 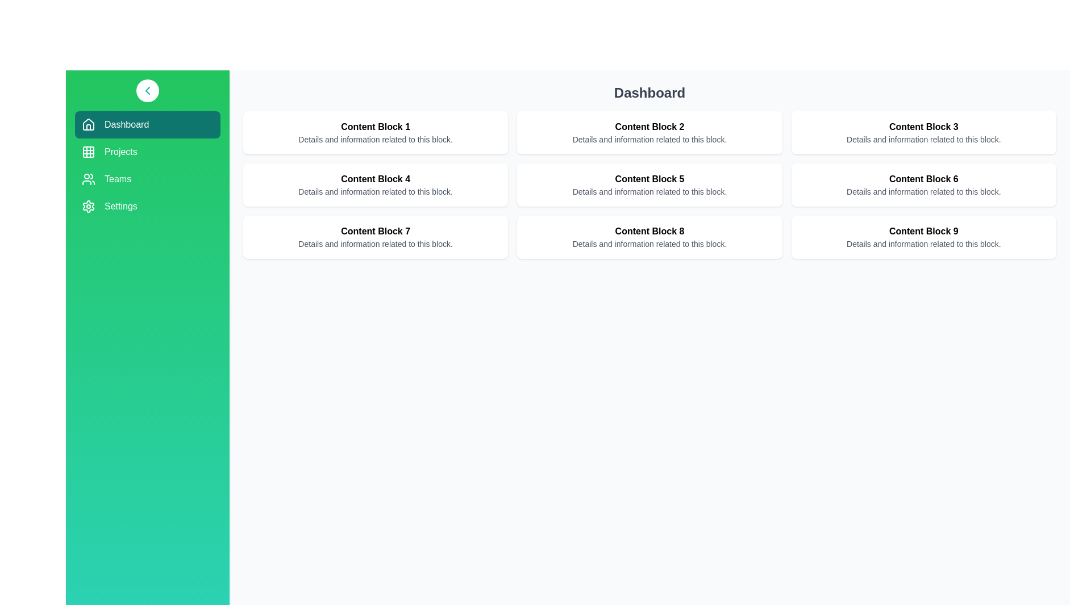 I want to click on the toggle button to change the sidebar state, so click(x=147, y=90).